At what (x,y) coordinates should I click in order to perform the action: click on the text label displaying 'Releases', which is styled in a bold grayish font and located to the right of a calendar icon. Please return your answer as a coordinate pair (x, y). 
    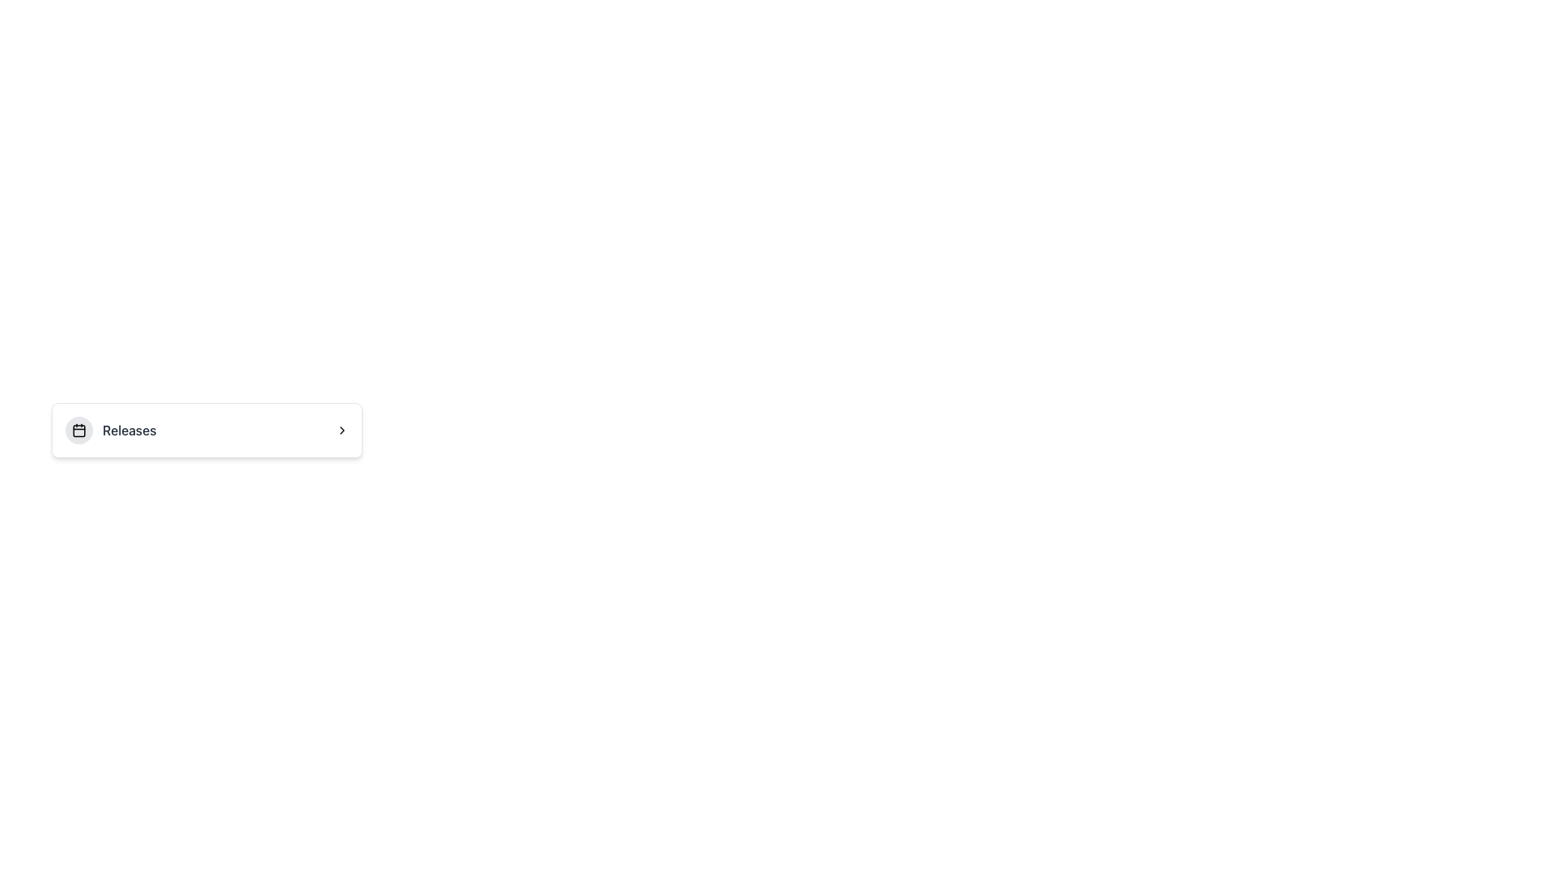
    Looking at the image, I should click on (110, 430).